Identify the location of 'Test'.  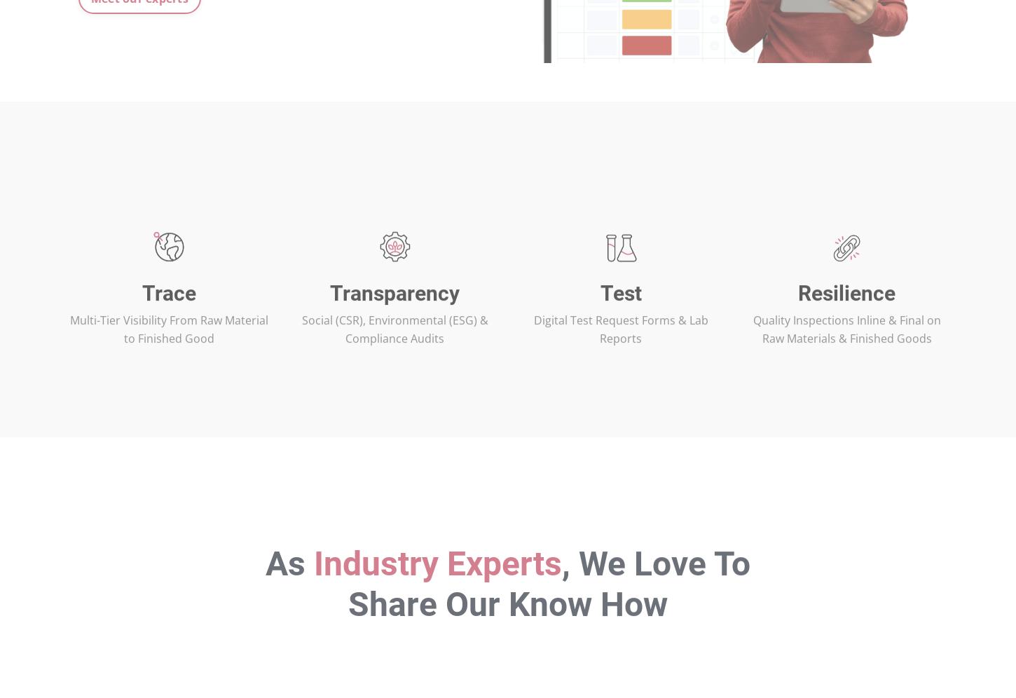
(619, 336).